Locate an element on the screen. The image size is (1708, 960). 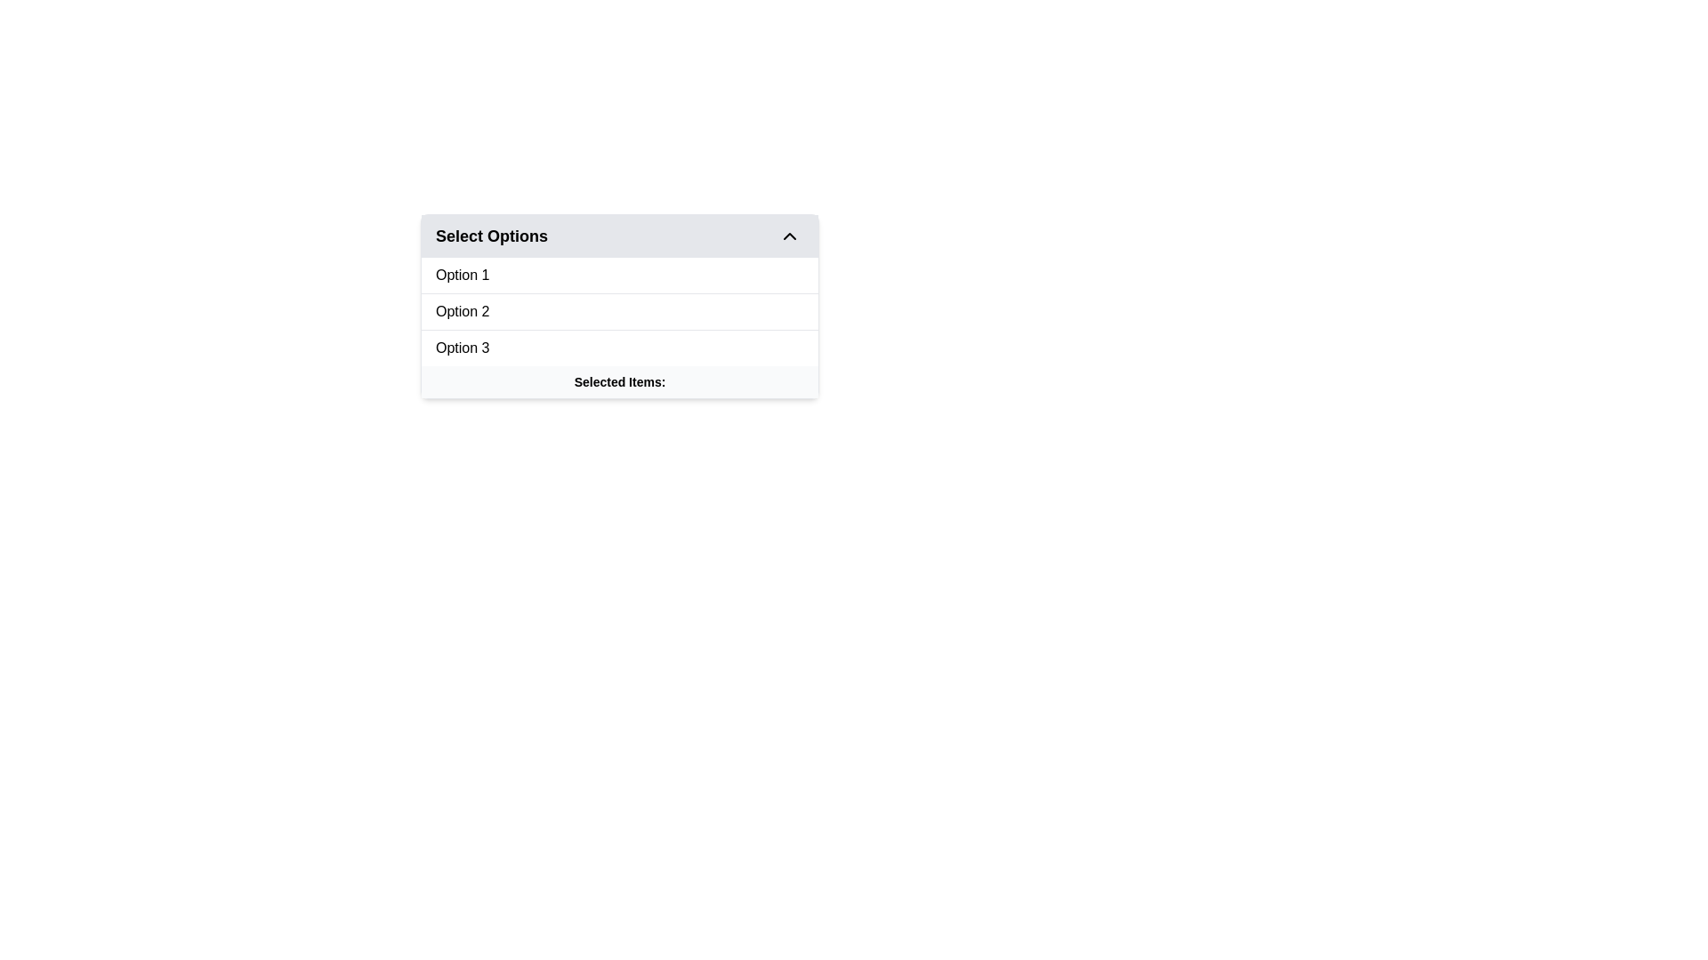
the minimalistic button with a gray background and an upward-pointing chevron arrow symbol located on the rightmost side of the header labeled 'Select Options' is located at coordinates (789, 236).